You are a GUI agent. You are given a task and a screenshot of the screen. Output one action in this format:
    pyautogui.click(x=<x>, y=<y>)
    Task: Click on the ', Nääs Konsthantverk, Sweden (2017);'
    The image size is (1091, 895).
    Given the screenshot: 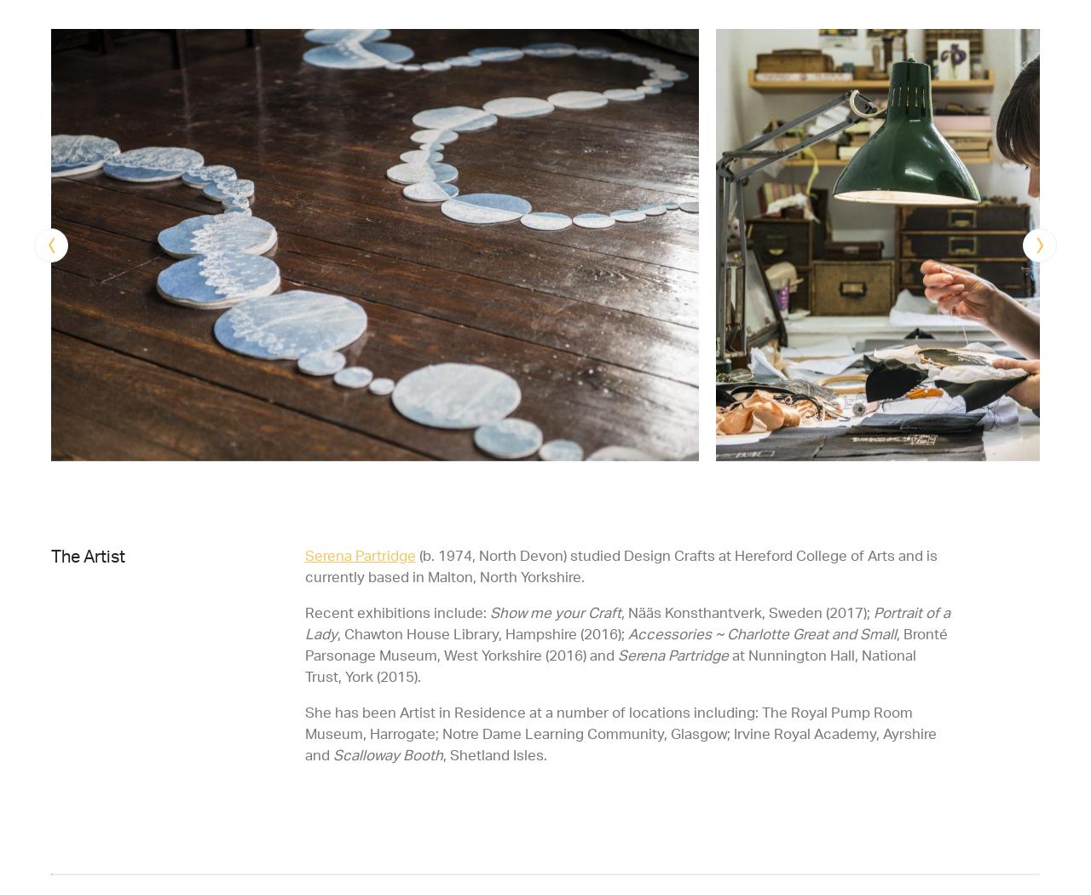 What is the action you would take?
    pyautogui.click(x=747, y=610)
    